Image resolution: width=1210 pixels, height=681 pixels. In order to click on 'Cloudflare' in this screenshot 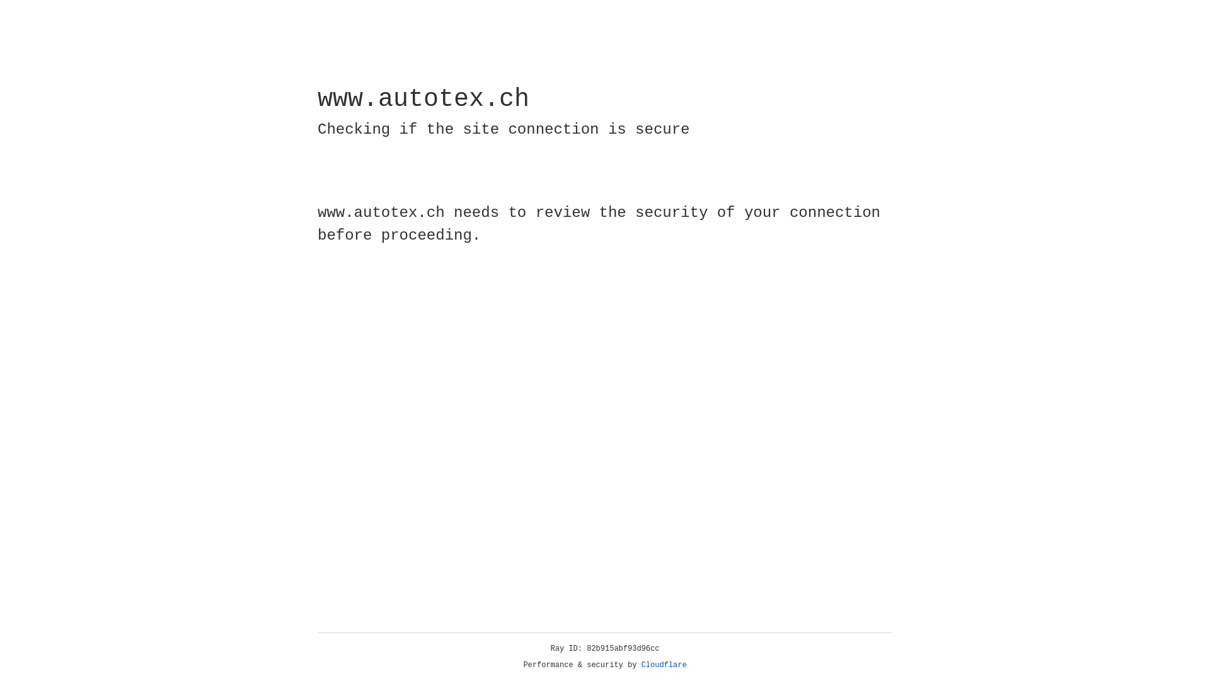, I will do `click(664, 665)`.